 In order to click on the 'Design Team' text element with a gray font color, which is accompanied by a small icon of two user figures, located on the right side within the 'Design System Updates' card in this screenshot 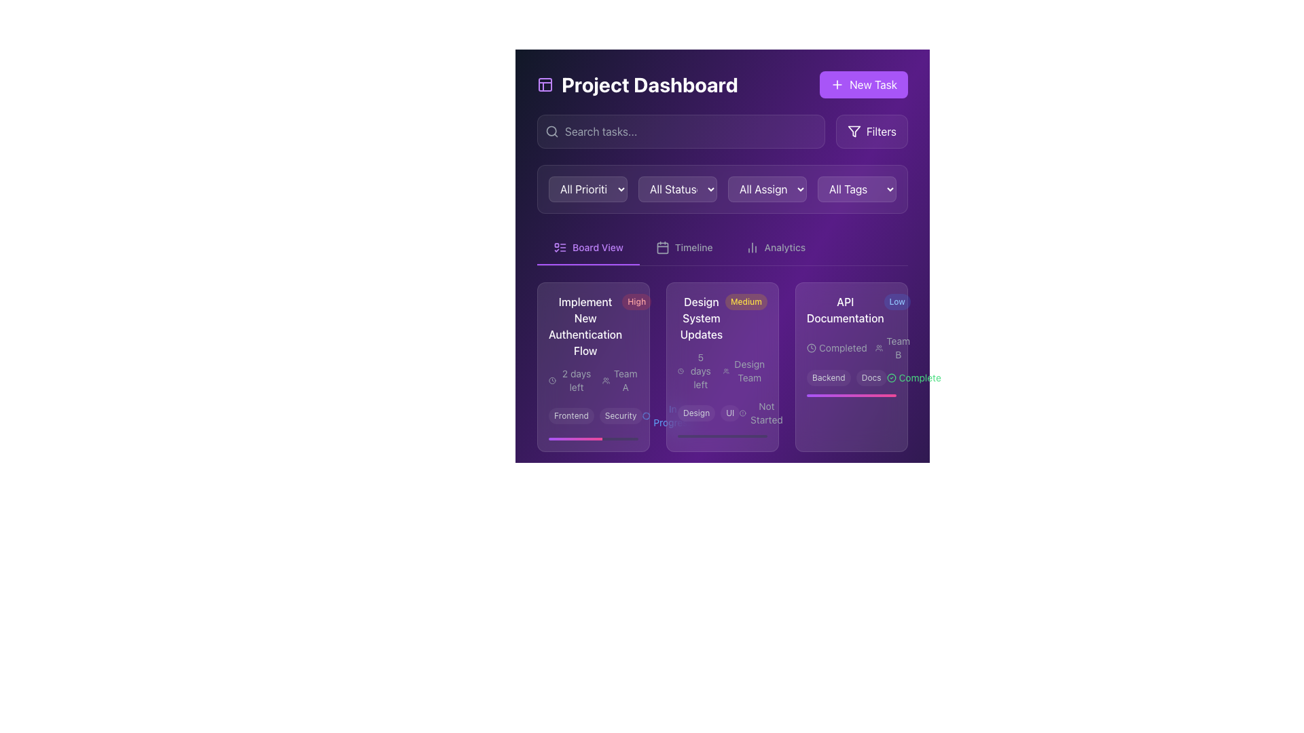, I will do `click(744, 371)`.